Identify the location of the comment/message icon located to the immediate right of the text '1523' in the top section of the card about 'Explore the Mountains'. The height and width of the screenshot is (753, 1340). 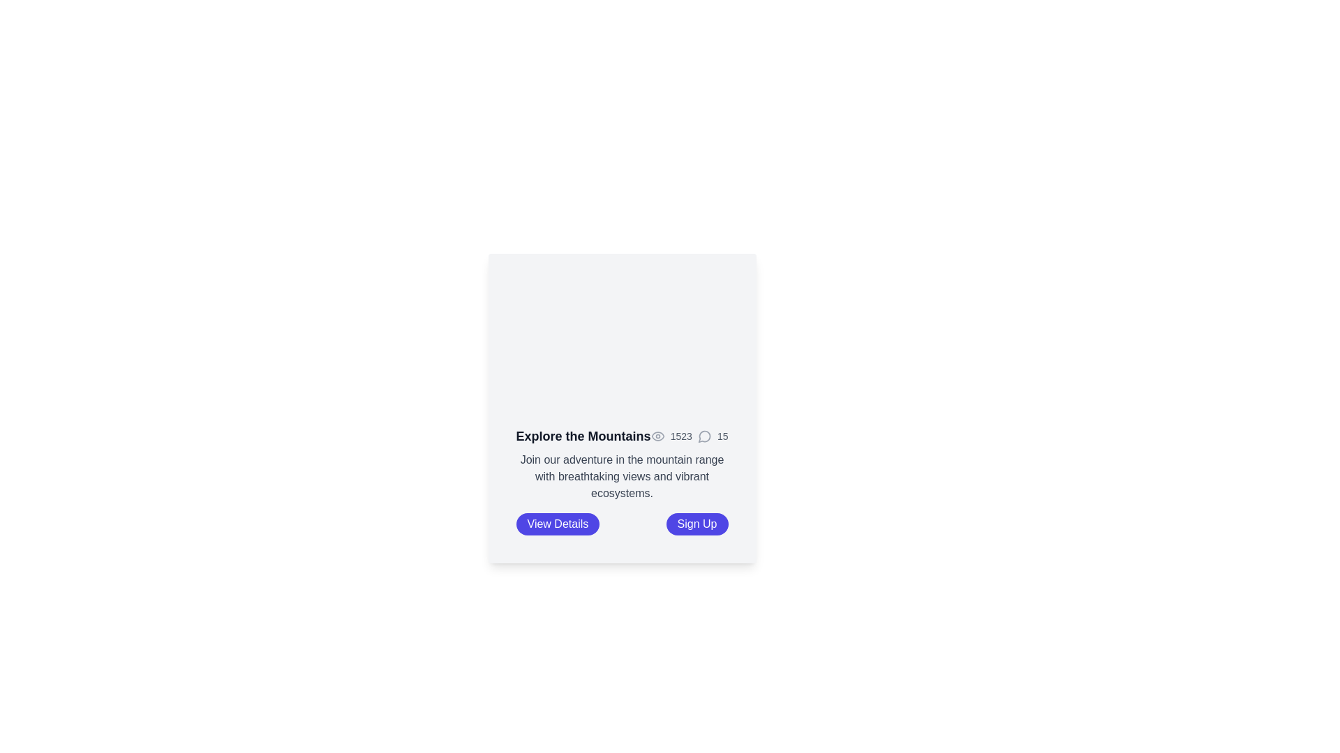
(704, 435).